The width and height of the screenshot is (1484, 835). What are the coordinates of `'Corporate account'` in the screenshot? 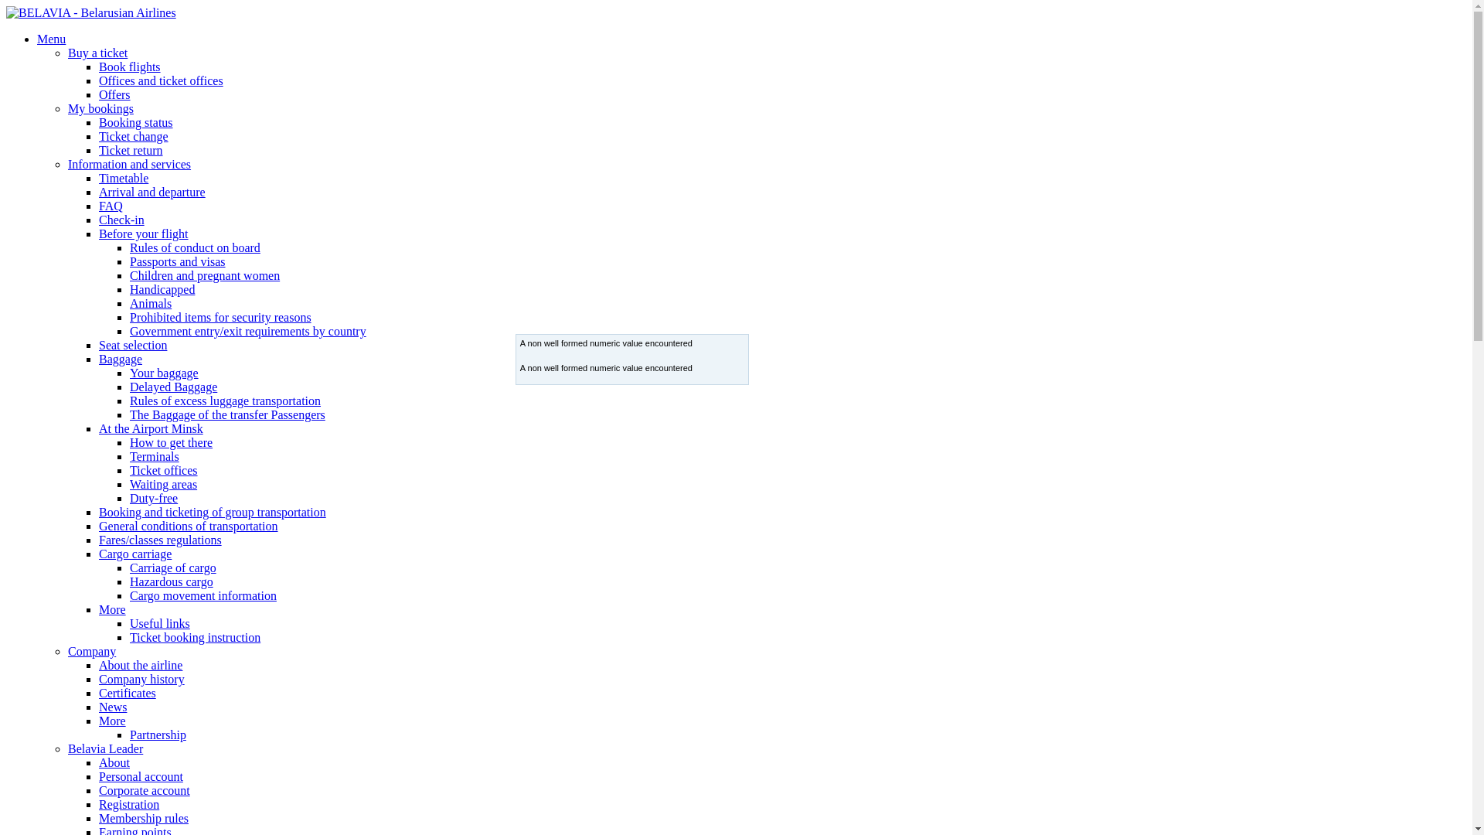 It's located at (145, 790).